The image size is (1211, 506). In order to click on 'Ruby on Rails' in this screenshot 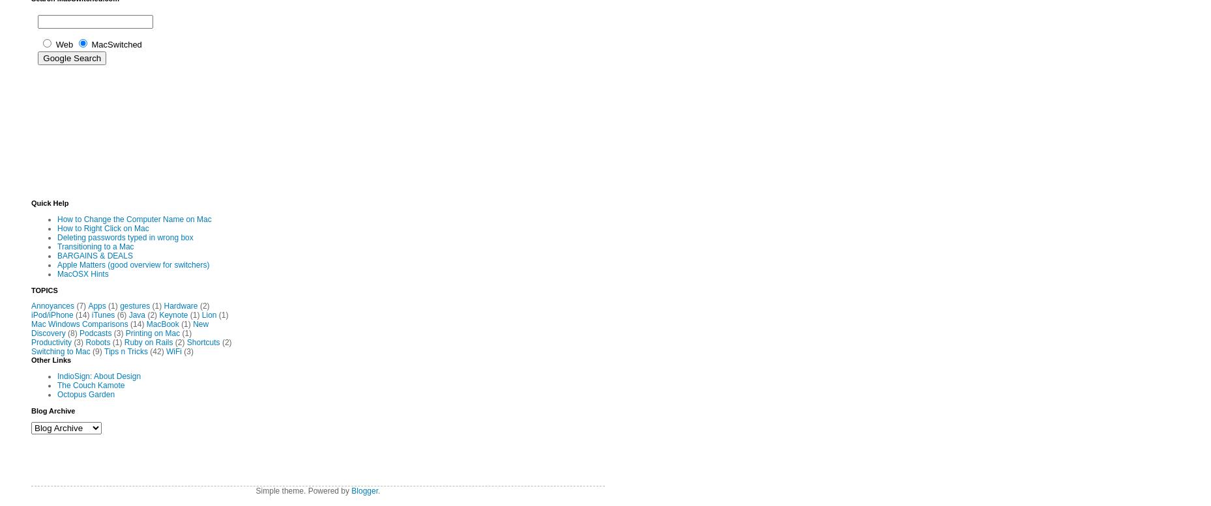, I will do `click(147, 341)`.